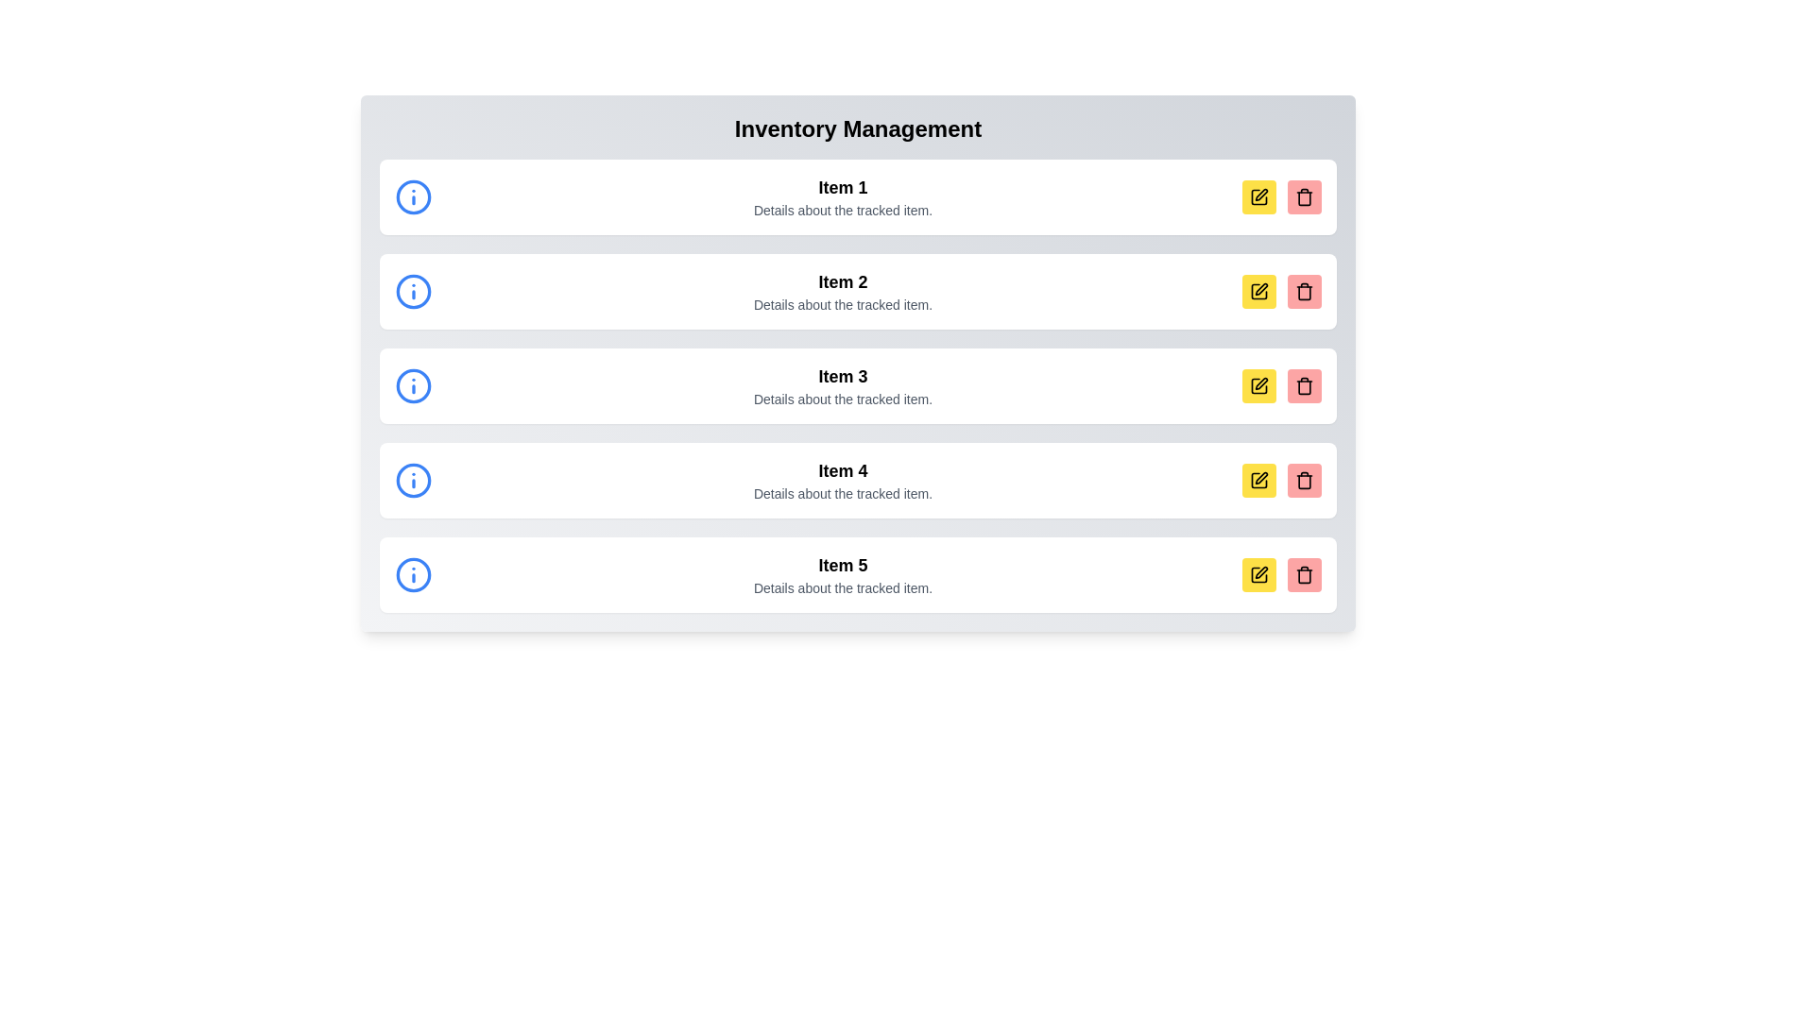 The height and width of the screenshot is (1020, 1814). Describe the element at coordinates (857, 480) in the screenshot. I see `the fourth card in the vertical list, which contains the text 'Item 4' and action buttons, to access further options` at that location.